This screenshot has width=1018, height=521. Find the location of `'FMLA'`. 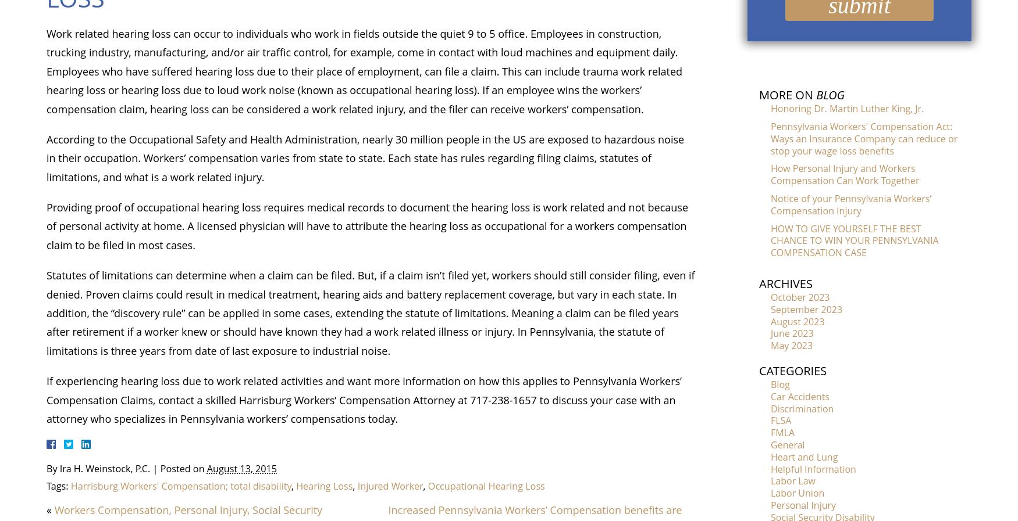

'FMLA' is located at coordinates (782, 432).